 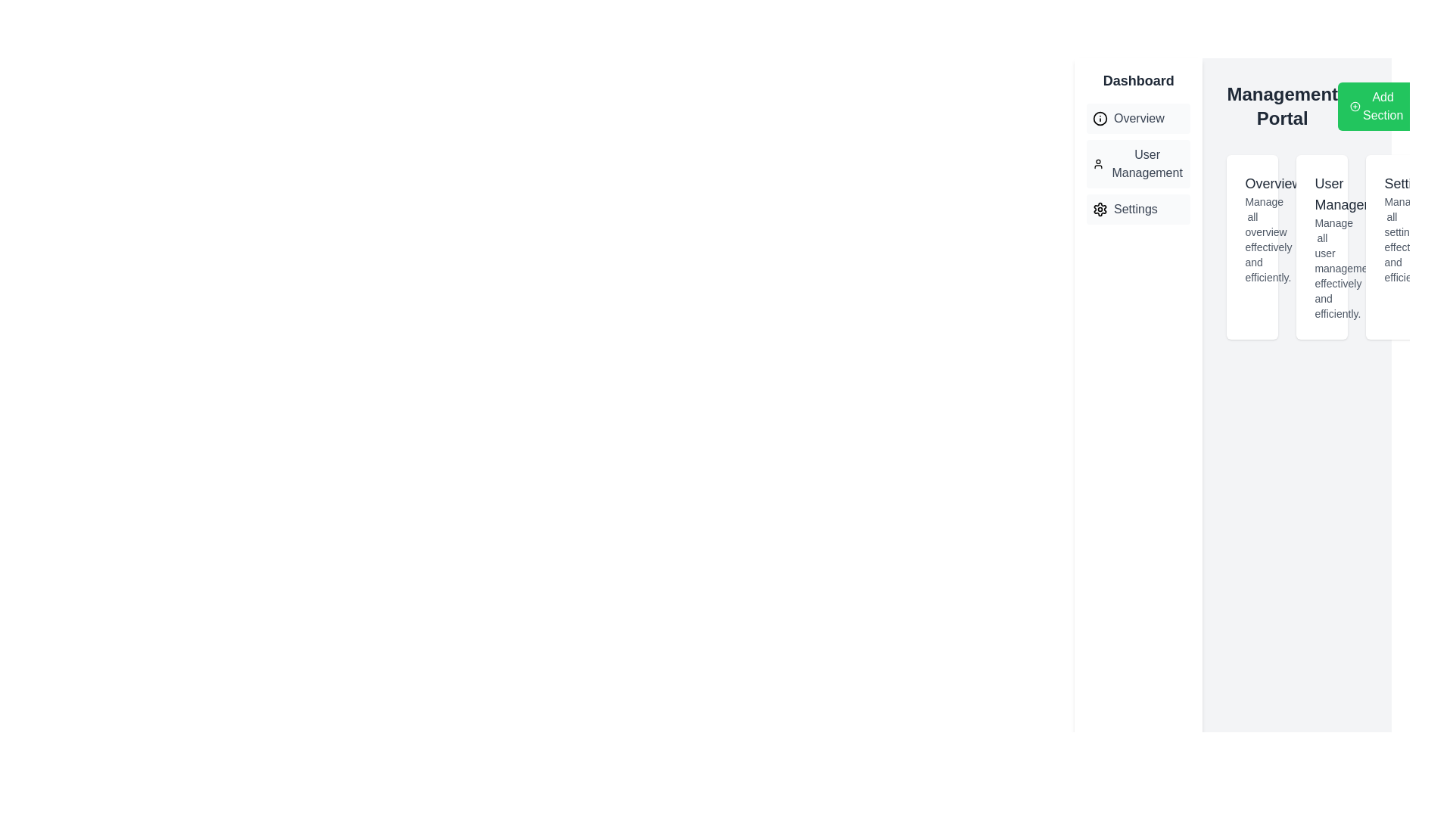 What do you see at coordinates (1137, 163) in the screenshot?
I see `the 'User Management' option in the Sidebar navigation menu` at bounding box center [1137, 163].